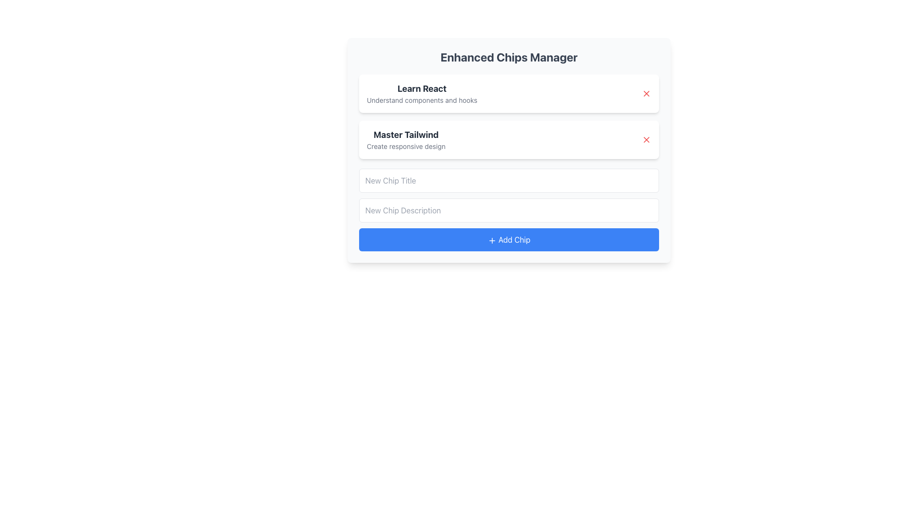 This screenshot has height=519, width=923. Describe the element at coordinates (422, 89) in the screenshot. I see `the text label that says 'Learn React', which is styled in bold and dark gray, positioned at the top of its group box above the description 'Understand components and hooks'` at that location.